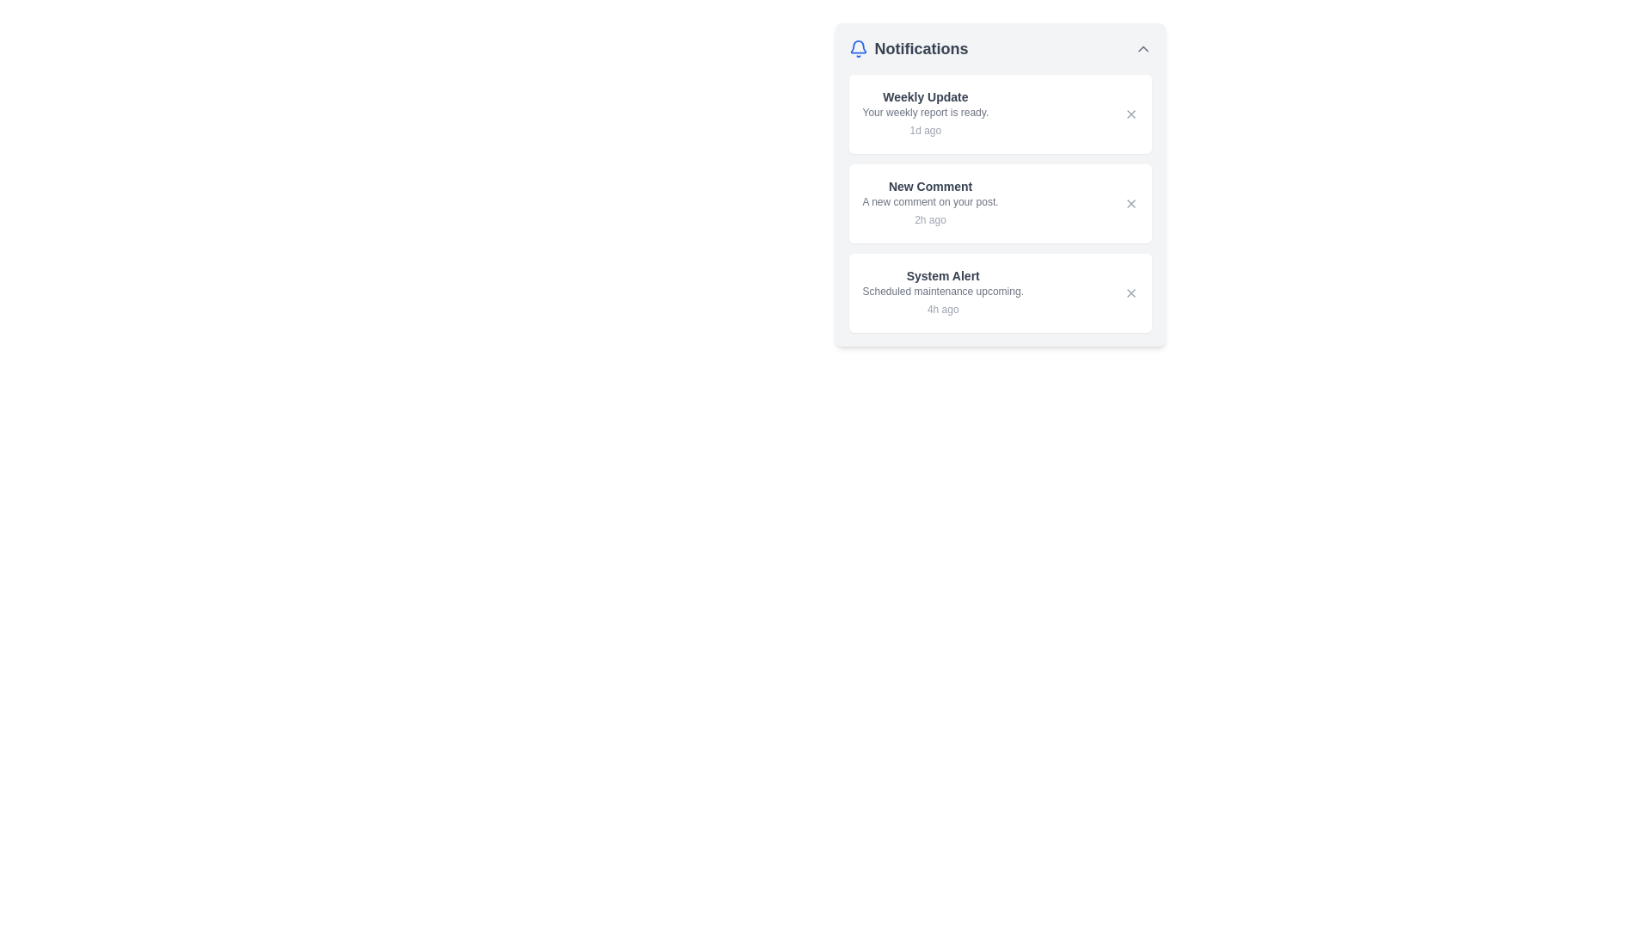  What do you see at coordinates (942, 274) in the screenshot?
I see `the 'System Alert' text label, which is a bold dark gray label positioned at the top of the notification panel and serves as a header for upcoming maintenance notifications` at bounding box center [942, 274].